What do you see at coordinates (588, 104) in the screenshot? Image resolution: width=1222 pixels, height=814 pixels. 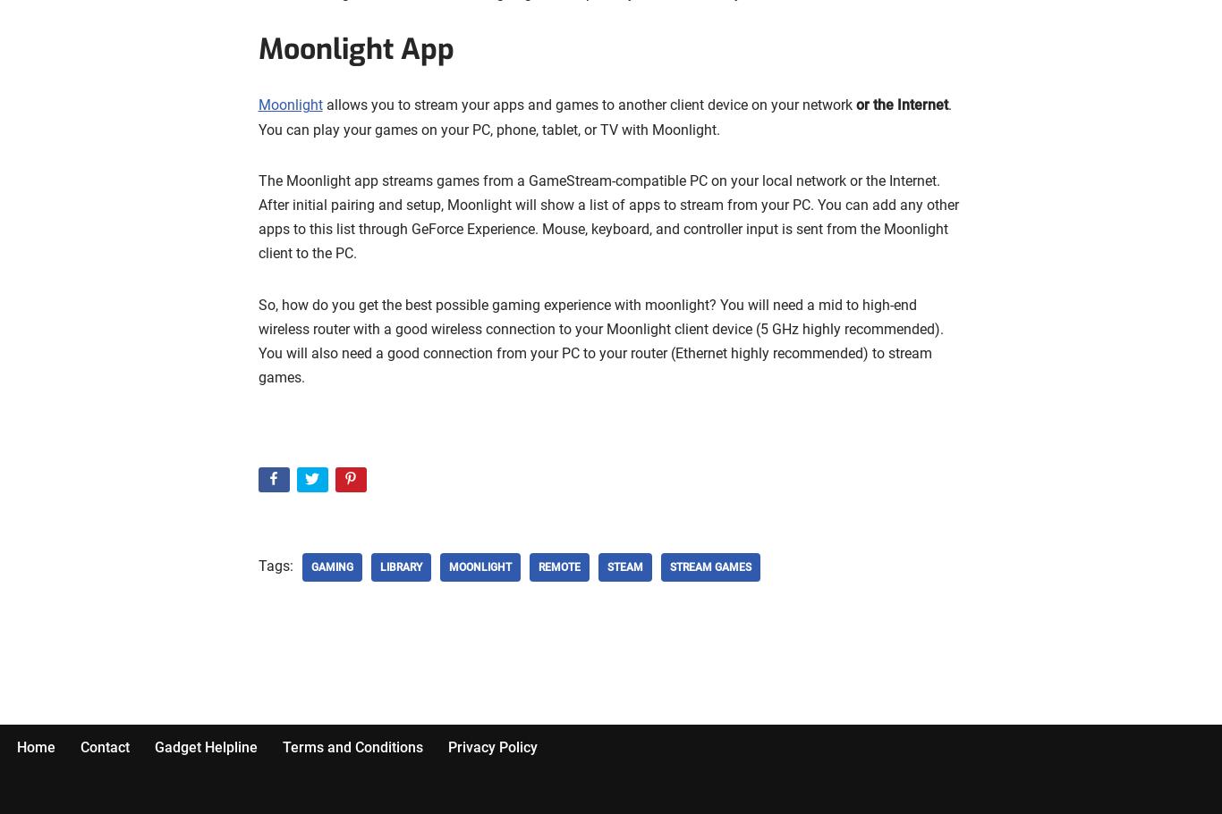 I see `'allows you to stream your apps and games to another client device on your network'` at bounding box center [588, 104].